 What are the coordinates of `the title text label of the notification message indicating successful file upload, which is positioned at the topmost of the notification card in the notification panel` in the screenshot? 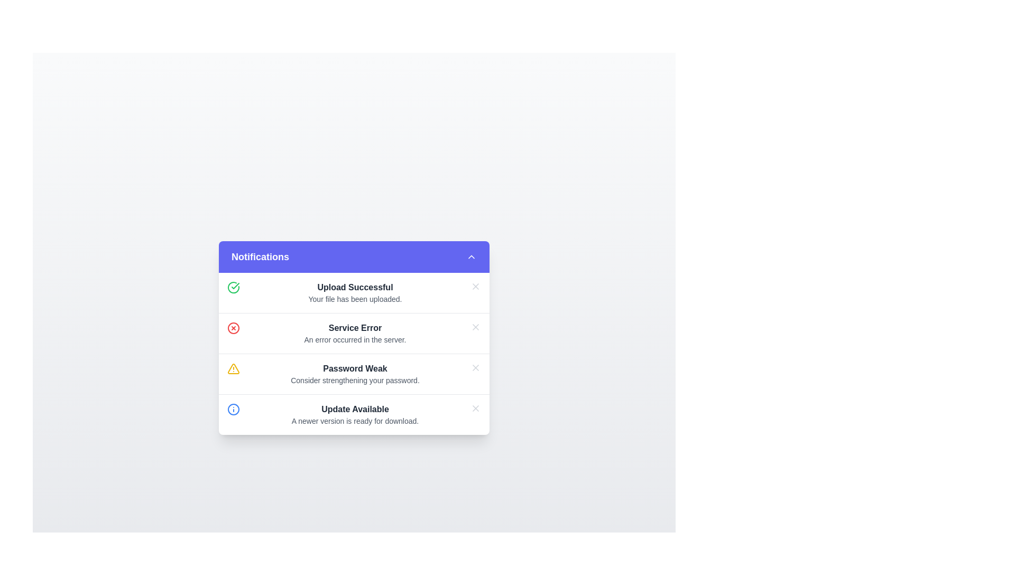 It's located at (355, 287).